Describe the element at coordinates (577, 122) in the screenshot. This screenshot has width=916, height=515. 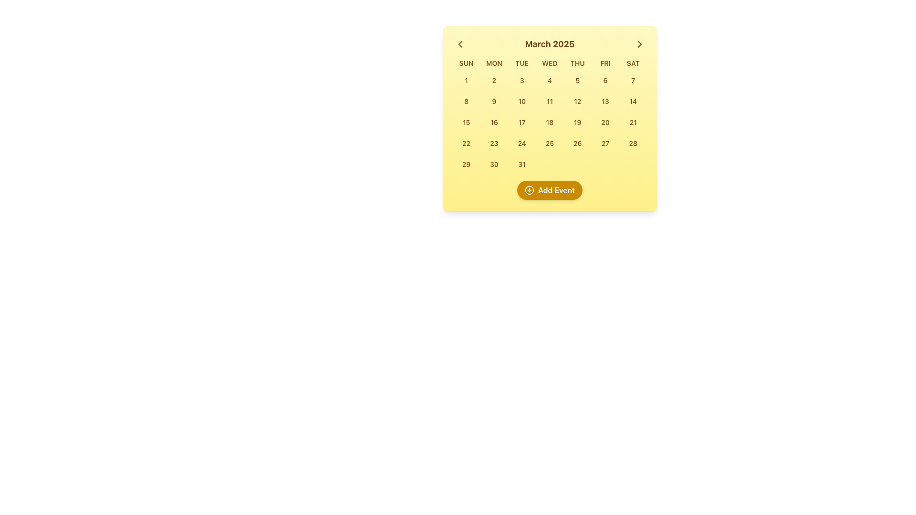
I see `the calendar date cell displaying the number '19', which is styled with a yellow background and rounded corners` at that location.